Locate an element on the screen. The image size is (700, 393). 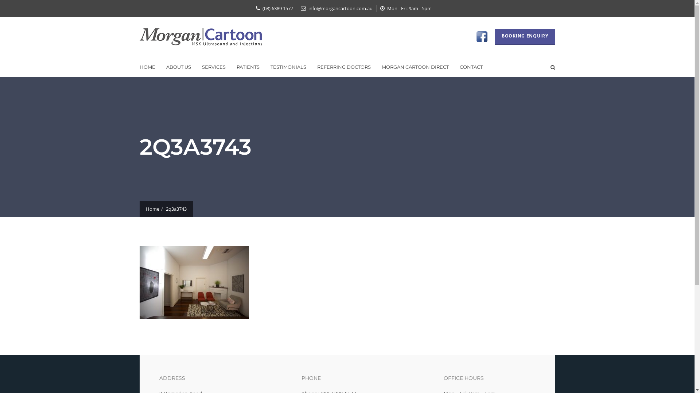
'PATIENTS' is located at coordinates (248, 67).